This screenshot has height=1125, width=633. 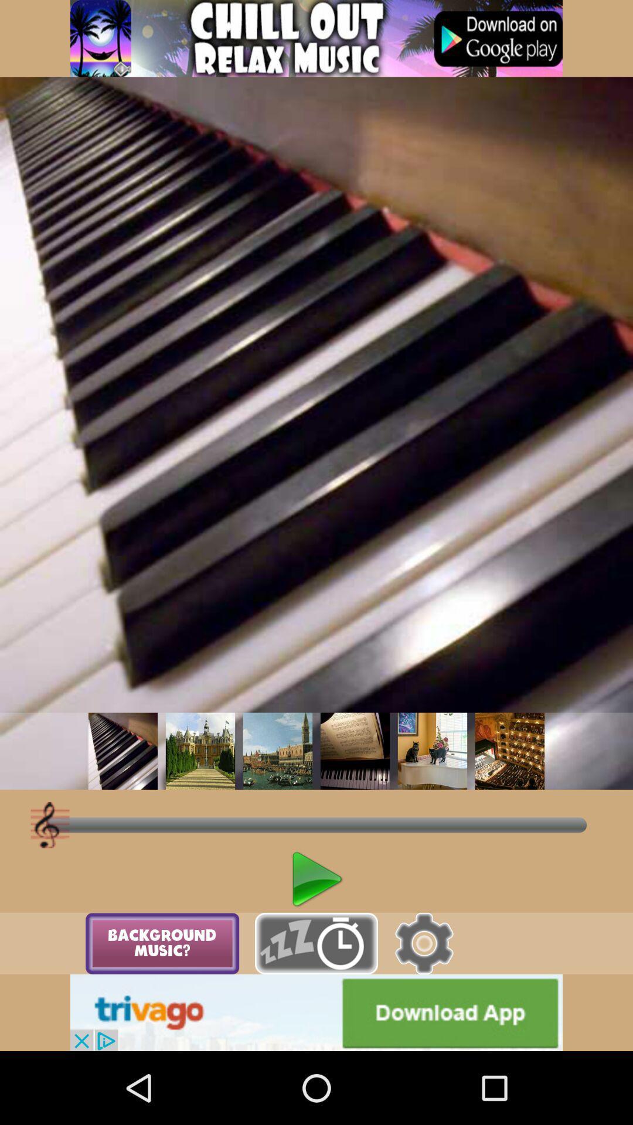 I want to click on open advertisement, so click(x=316, y=1012).